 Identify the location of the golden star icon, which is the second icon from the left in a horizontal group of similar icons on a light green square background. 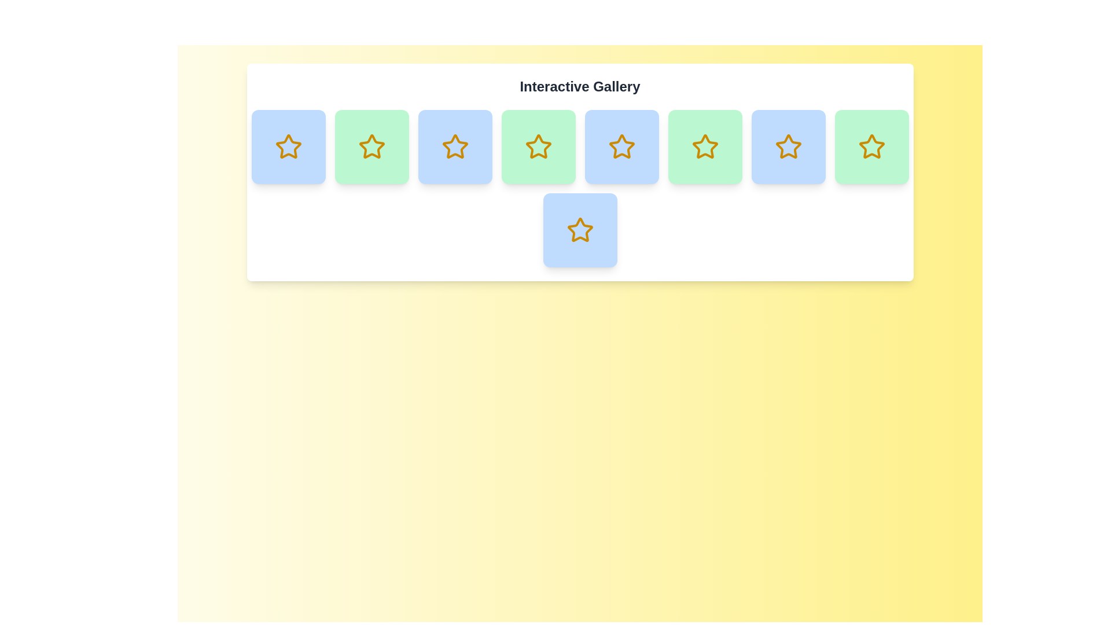
(371, 146).